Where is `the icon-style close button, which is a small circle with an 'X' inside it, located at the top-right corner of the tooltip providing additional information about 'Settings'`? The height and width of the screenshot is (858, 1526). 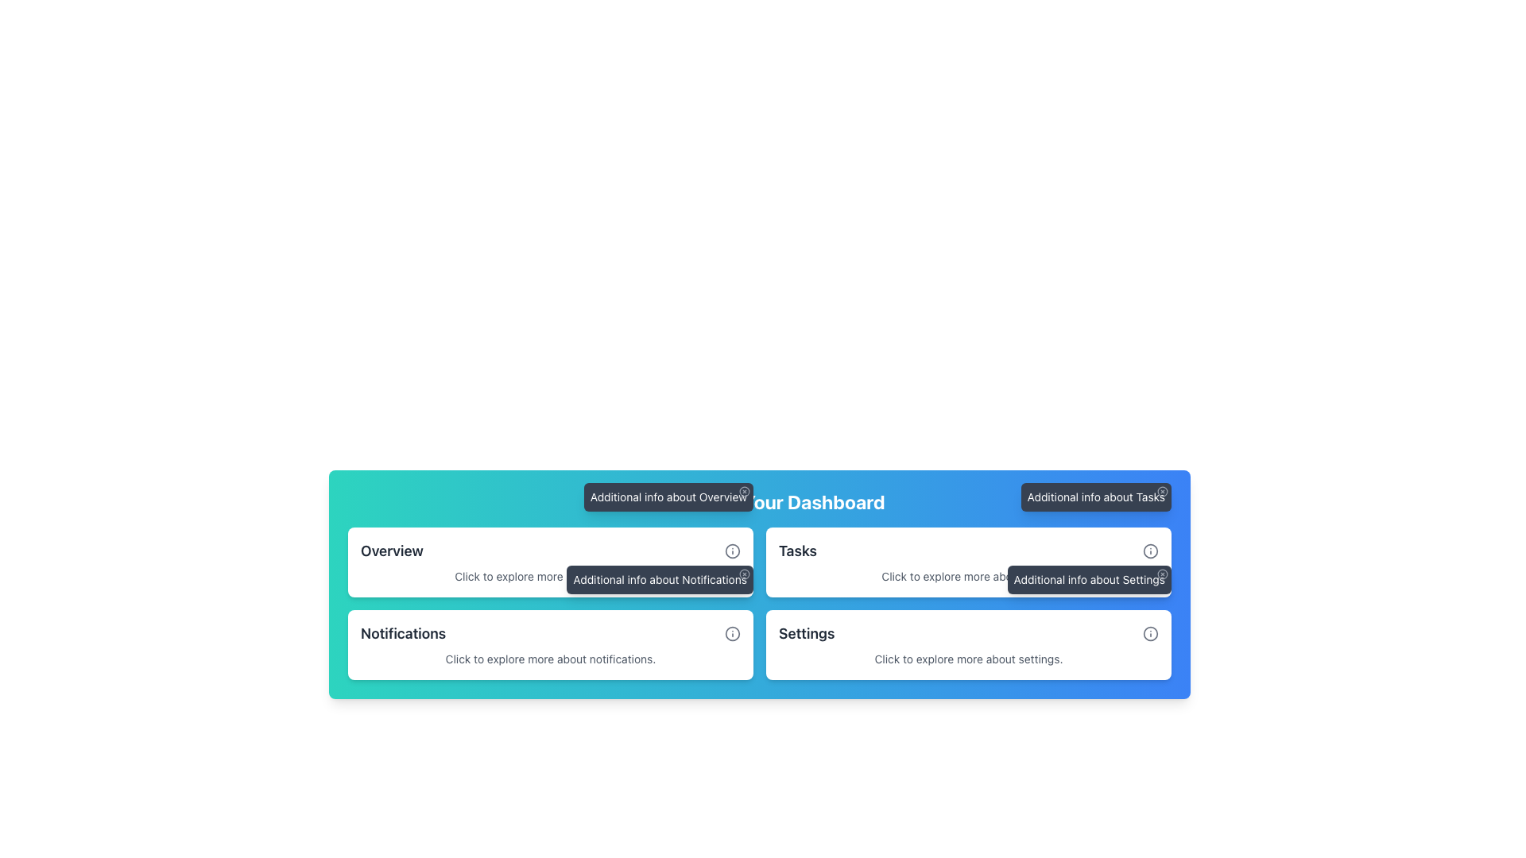
the icon-style close button, which is a small circle with an 'X' inside it, located at the top-right corner of the tooltip providing additional information about 'Settings' is located at coordinates (1163, 574).